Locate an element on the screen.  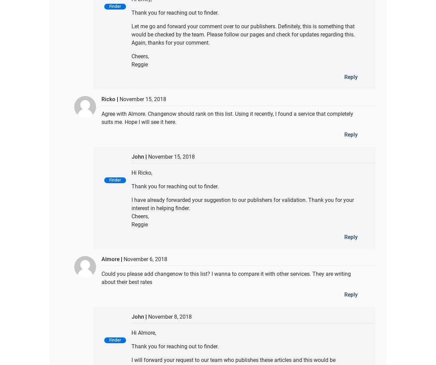
'Almore' is located at coordinates (110, 259).